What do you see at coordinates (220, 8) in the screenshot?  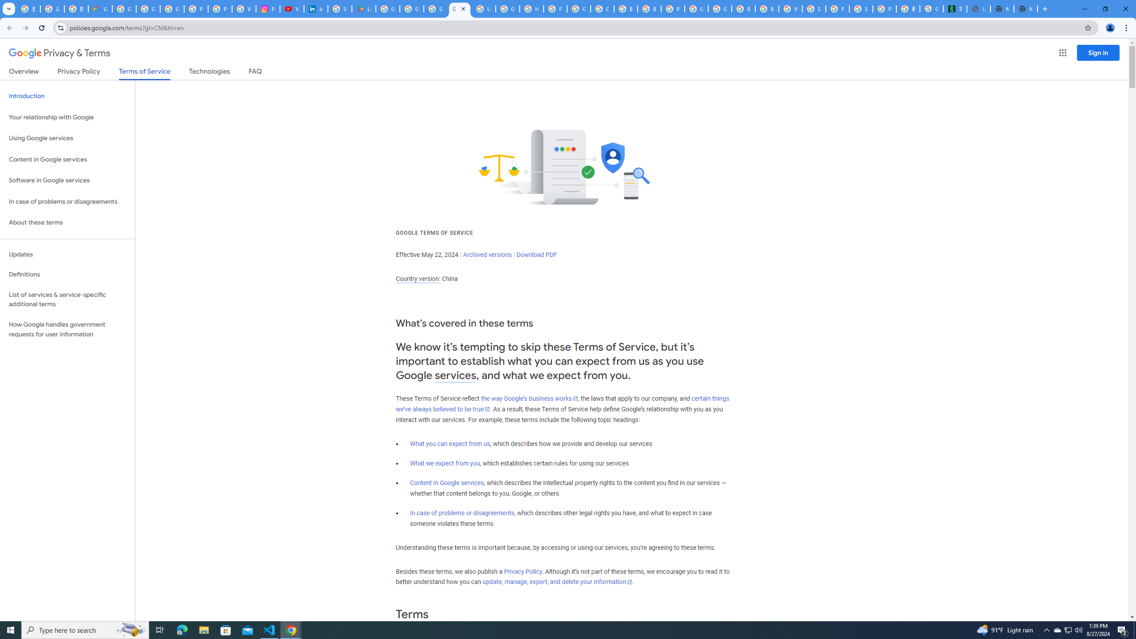 I see `'Privacy Help Center - Policies Help'` at bounding box center [220, 8].